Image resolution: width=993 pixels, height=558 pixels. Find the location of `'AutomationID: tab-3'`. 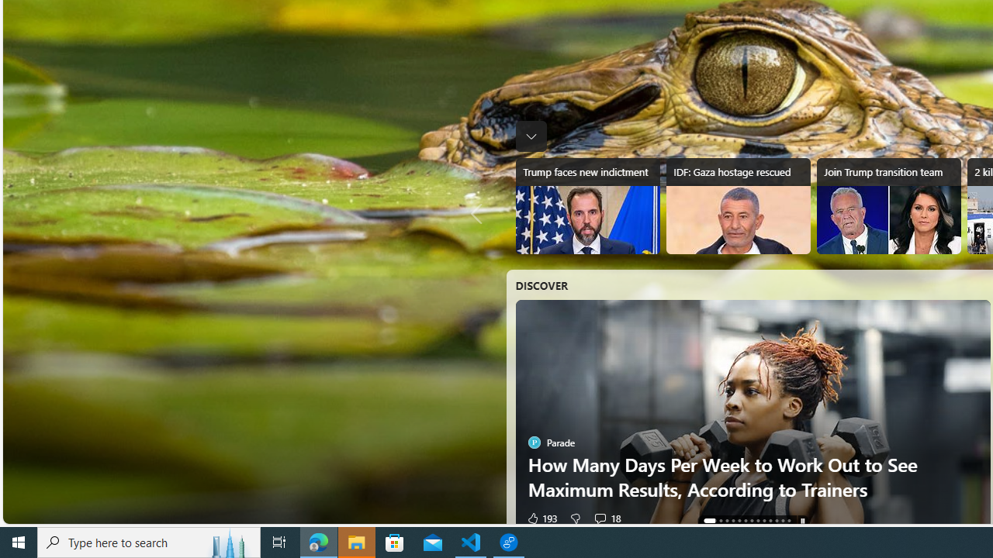

'AutomationID: tab-3' is located at coordinates (732, 521).